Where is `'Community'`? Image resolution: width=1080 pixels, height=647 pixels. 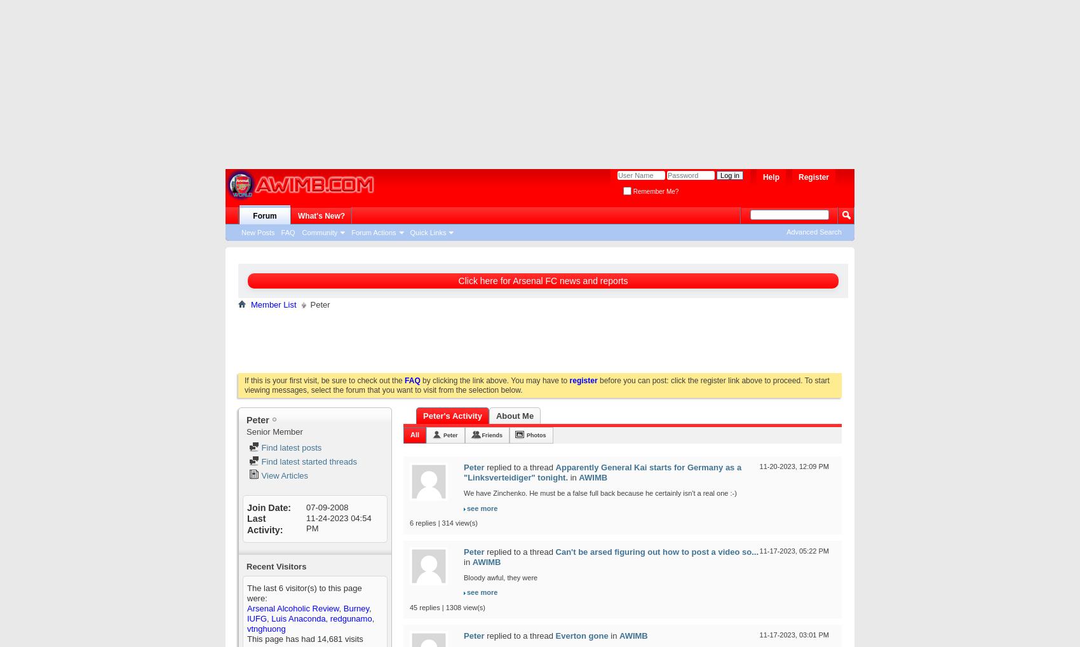
'Community' is located at coordinates (301, 231).